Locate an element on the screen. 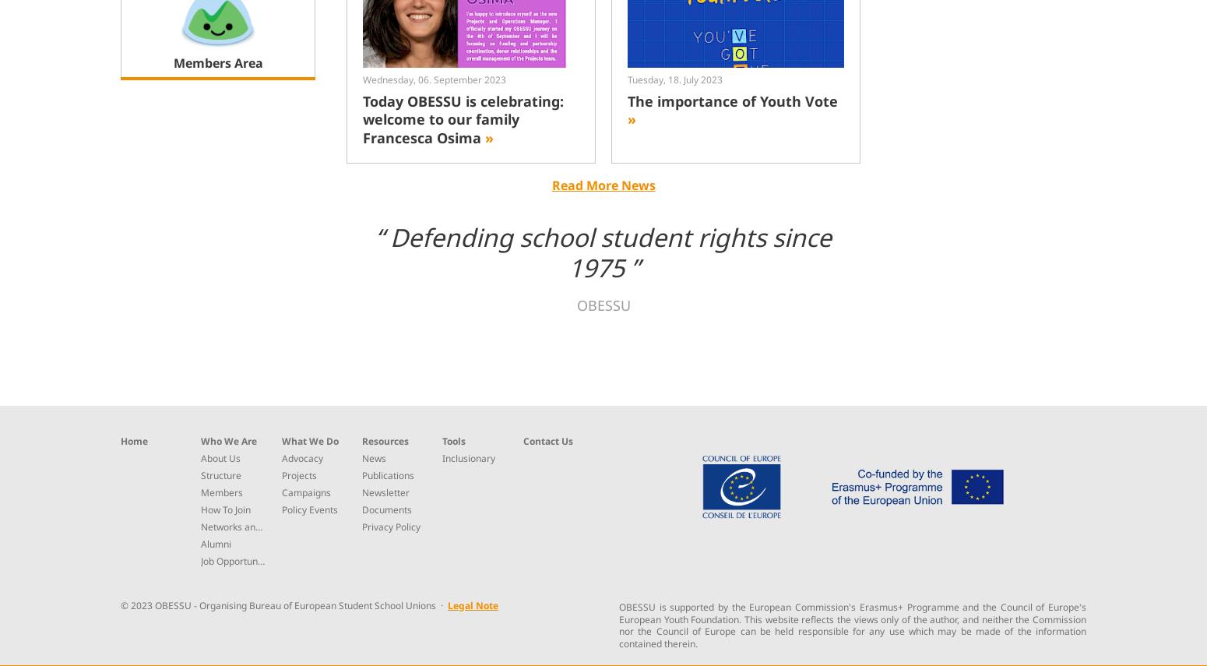 The image size is (1207, 666). 'Documents' is located at coordinates (385, 508).